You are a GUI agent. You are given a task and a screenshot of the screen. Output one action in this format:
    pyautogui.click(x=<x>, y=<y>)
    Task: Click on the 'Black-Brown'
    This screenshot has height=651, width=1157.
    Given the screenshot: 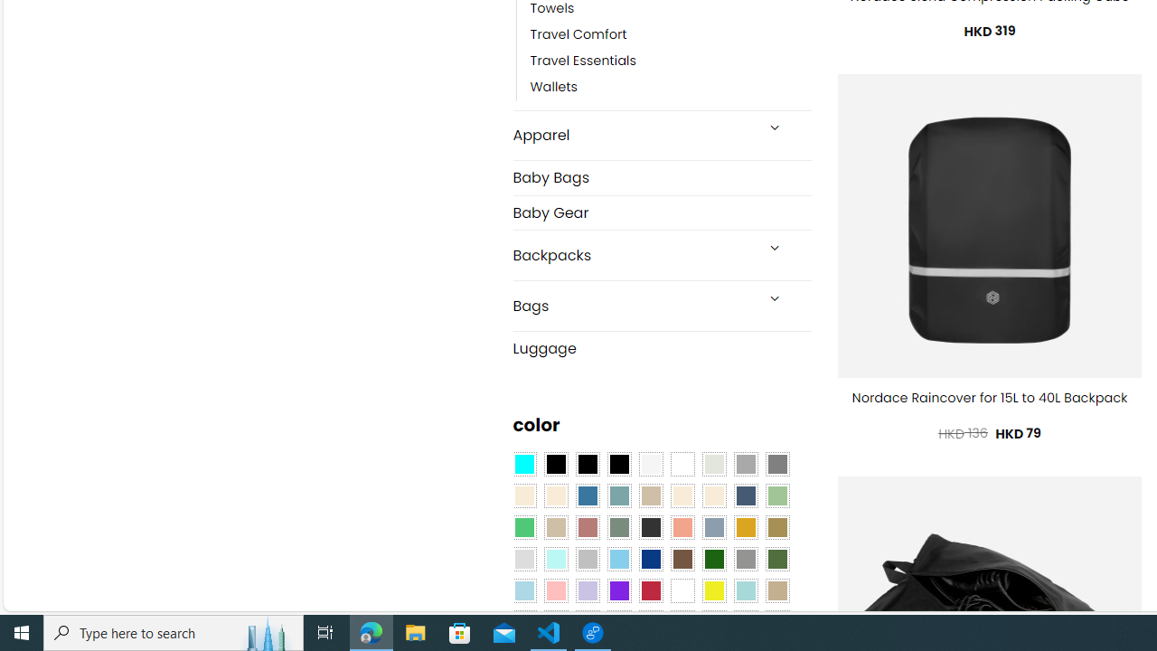 What is the action you would take?
    pyautogui.click(x=618, y=464)
    